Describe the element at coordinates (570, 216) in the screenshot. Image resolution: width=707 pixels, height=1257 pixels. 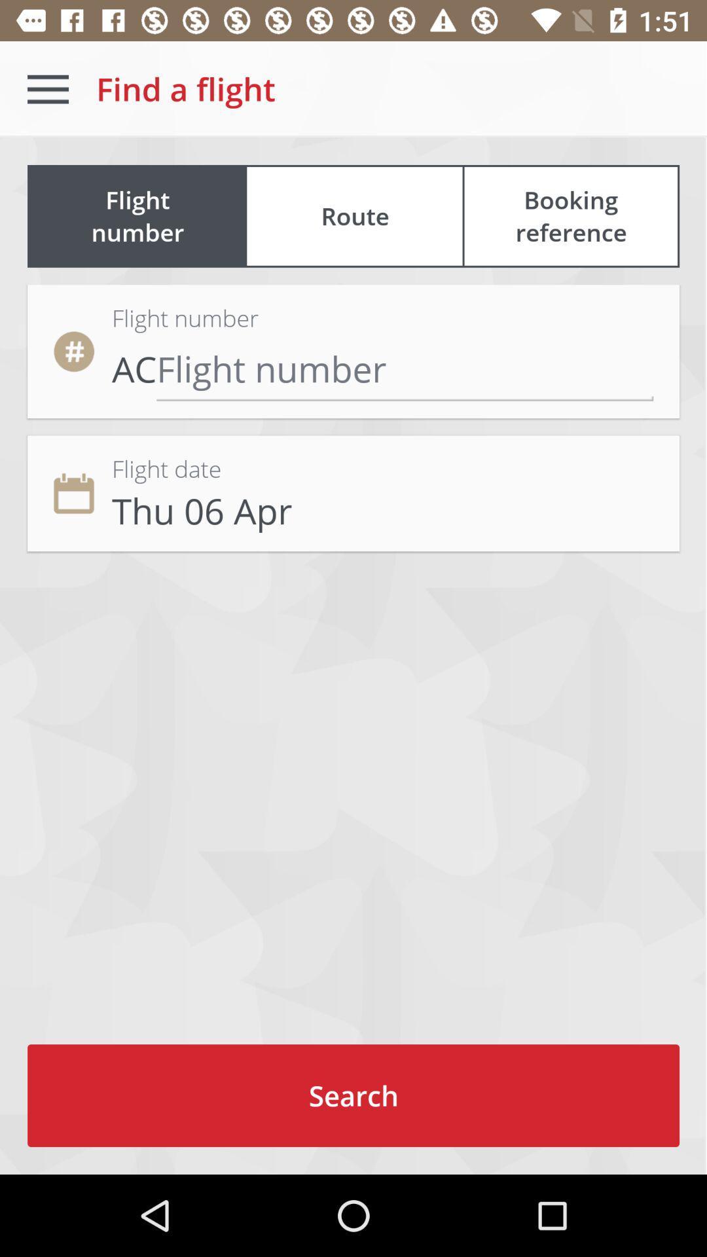
I see `booking reference item` at that location.